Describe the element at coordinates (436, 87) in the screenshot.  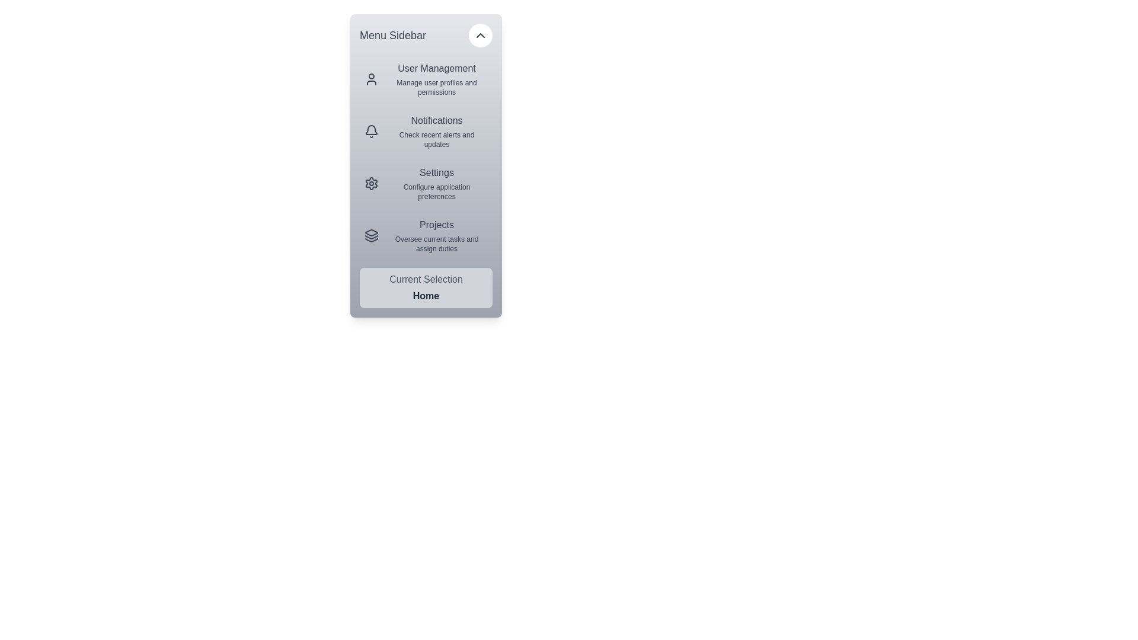
I see `the descriptive text label that provides information about the 'User Management' section, located directly below the 'User Management' heading in the sidebar menu` at that location.